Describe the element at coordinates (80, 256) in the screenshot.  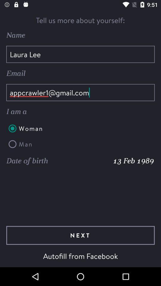
I see `the autofill from facebook item` at that location.